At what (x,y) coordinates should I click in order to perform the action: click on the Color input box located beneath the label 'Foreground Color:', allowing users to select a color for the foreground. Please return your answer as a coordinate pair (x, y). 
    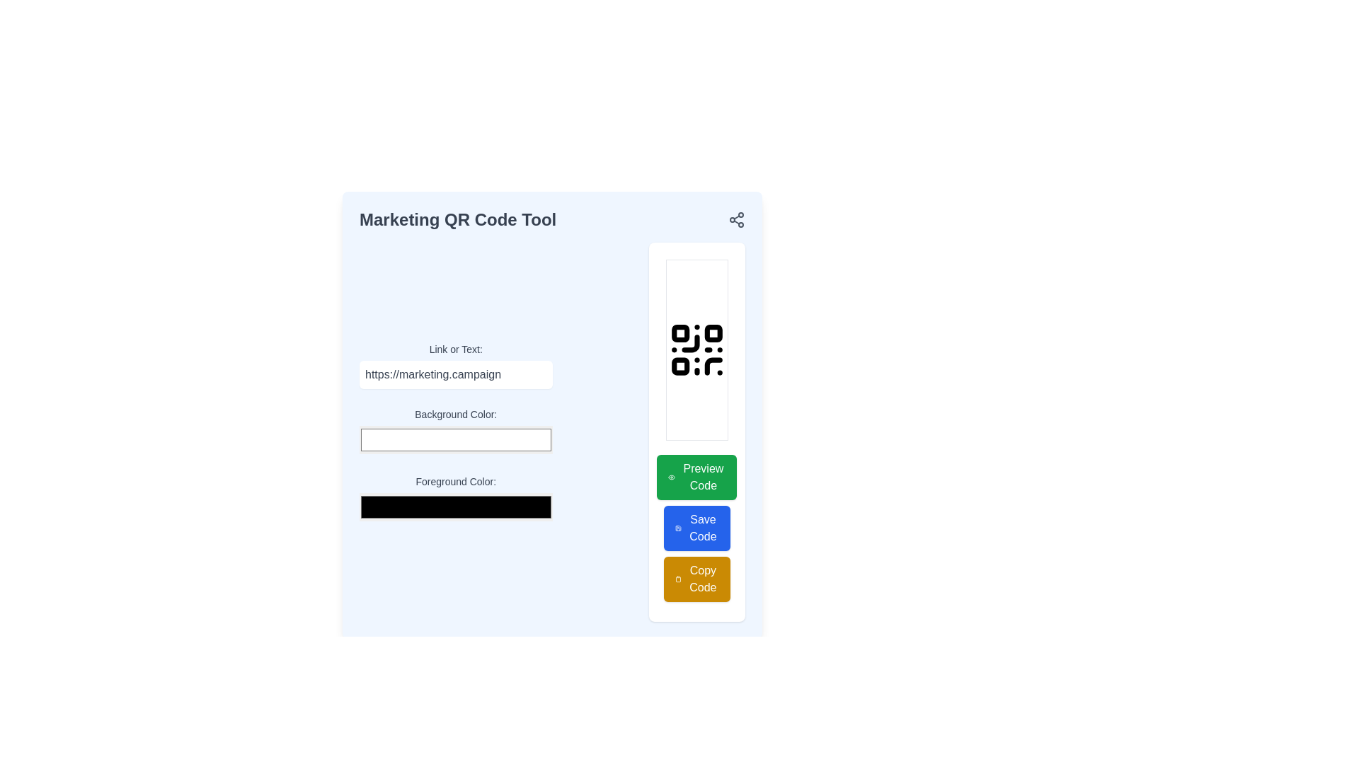
    Looking at the image, I should click on (456, 507).